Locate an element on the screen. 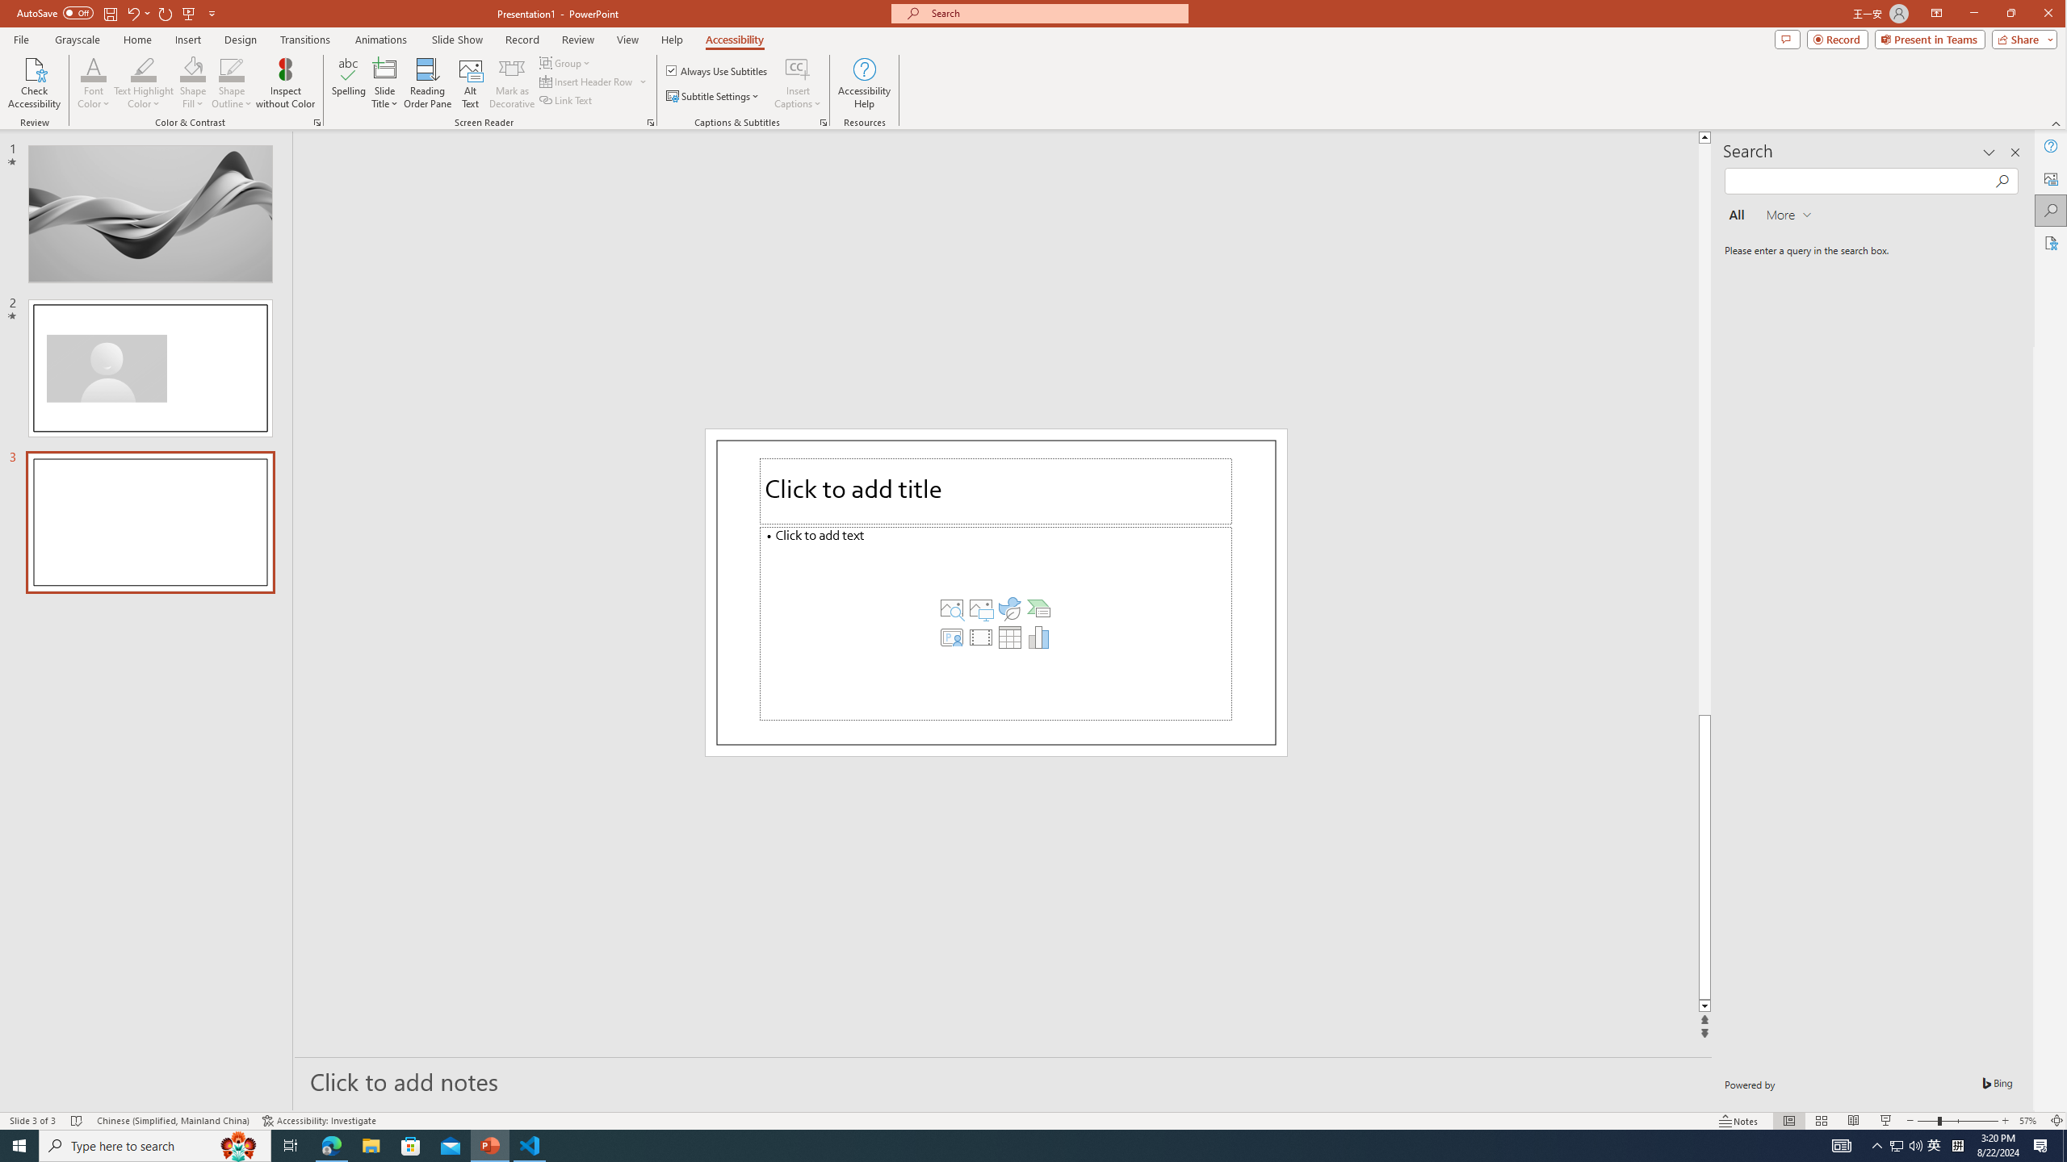 The height and width of the screenshot is (1162, 2067). 'Insert a SmartArt Graphic' is located at coordinates (1038, 607).